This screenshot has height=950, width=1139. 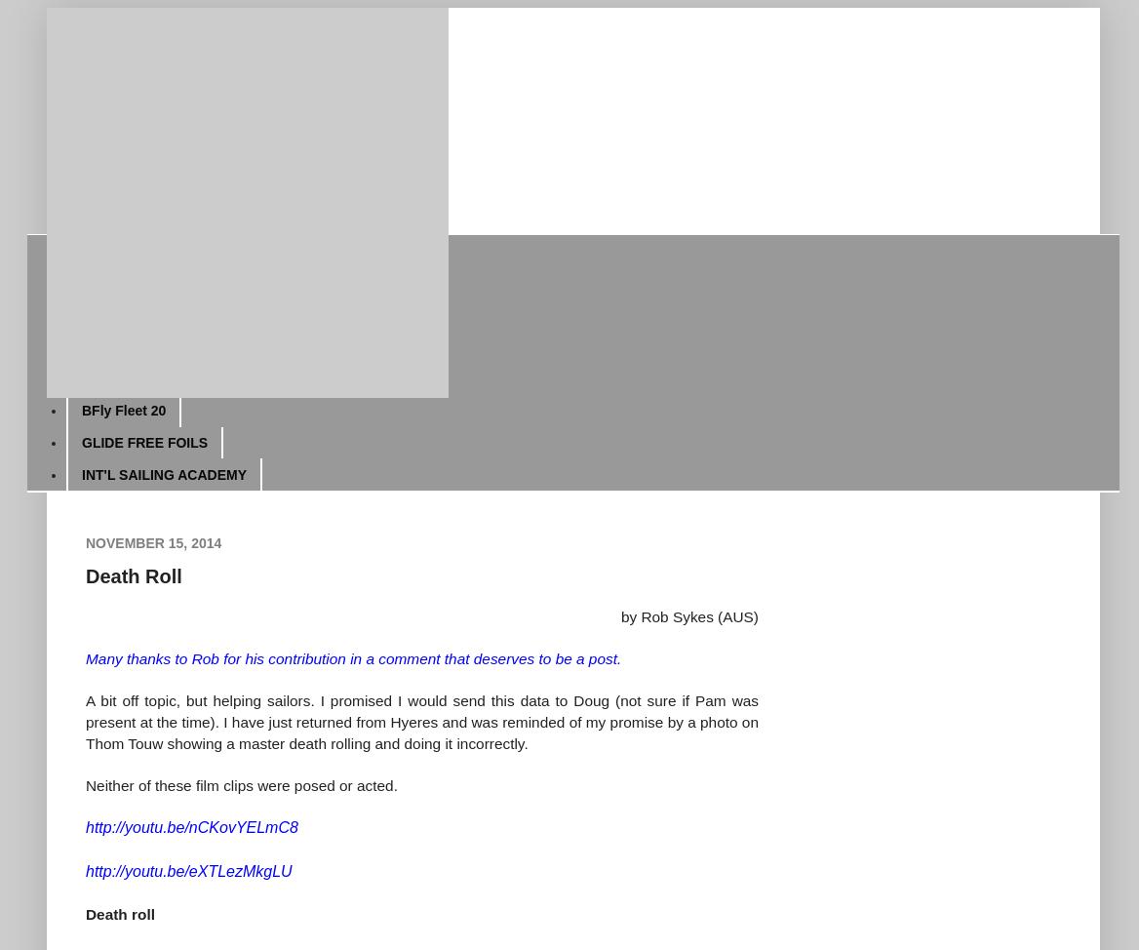 I want to click on 'GLIDE FREE FOILS', so click(x=80, y=441).